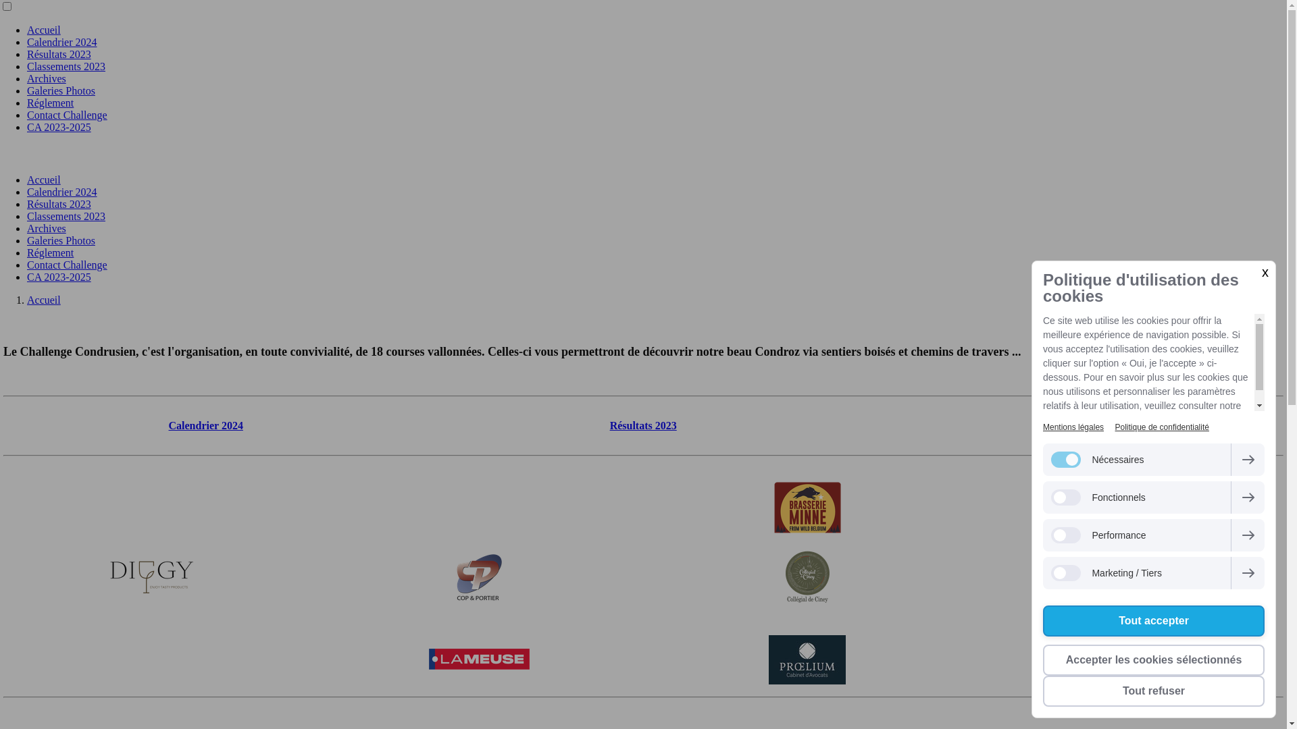  What do you see at coordinates (1153, 691) in the screenshot?
I see `'Tout refuser'` at bounding box center [1153, 691].